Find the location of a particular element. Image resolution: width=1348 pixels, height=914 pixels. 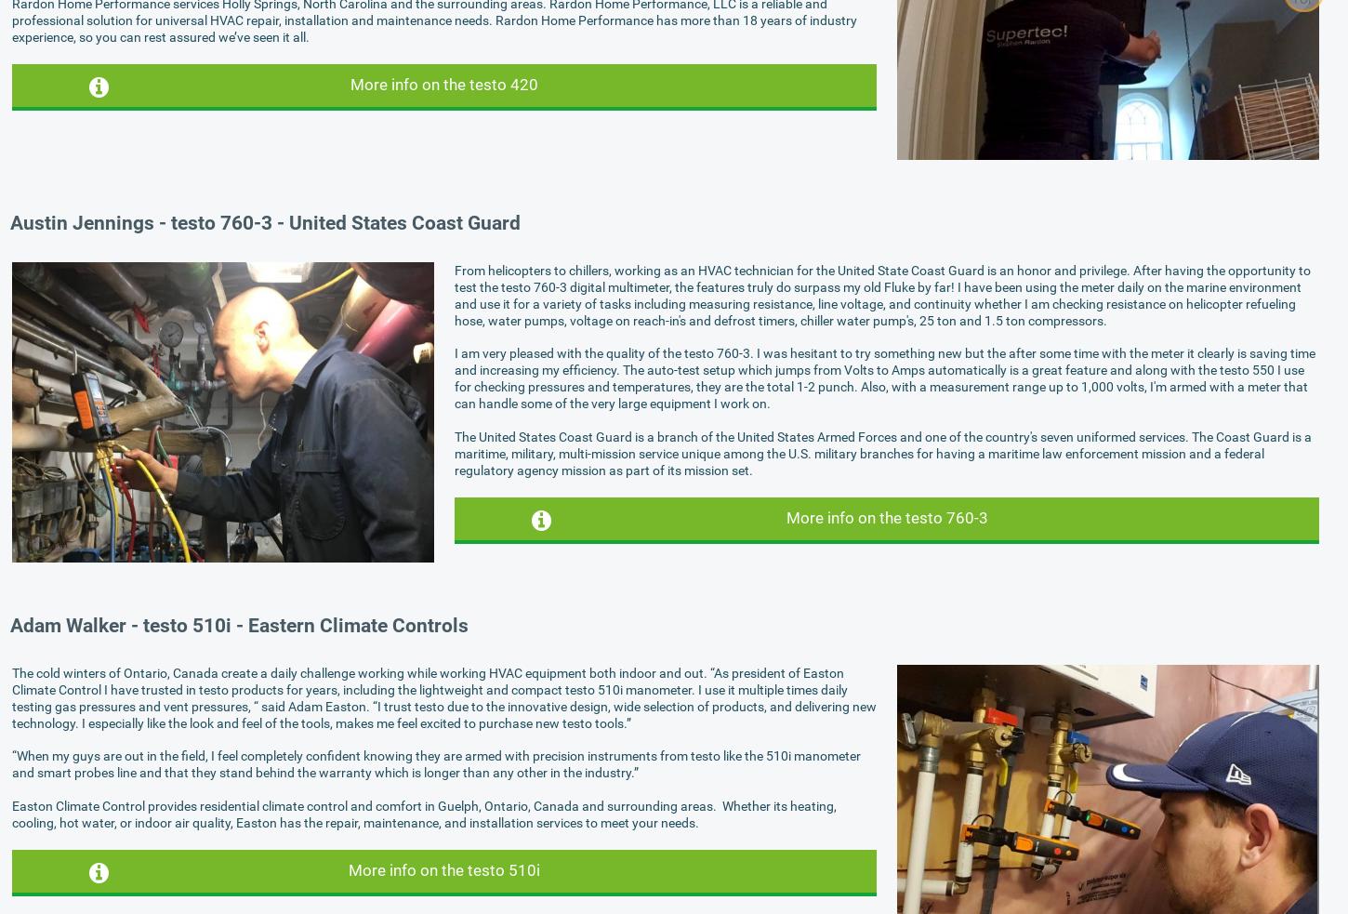

'Austin Jennings - testo 760-3 - United States Coast Guard' is located at coordinates (10, 221).